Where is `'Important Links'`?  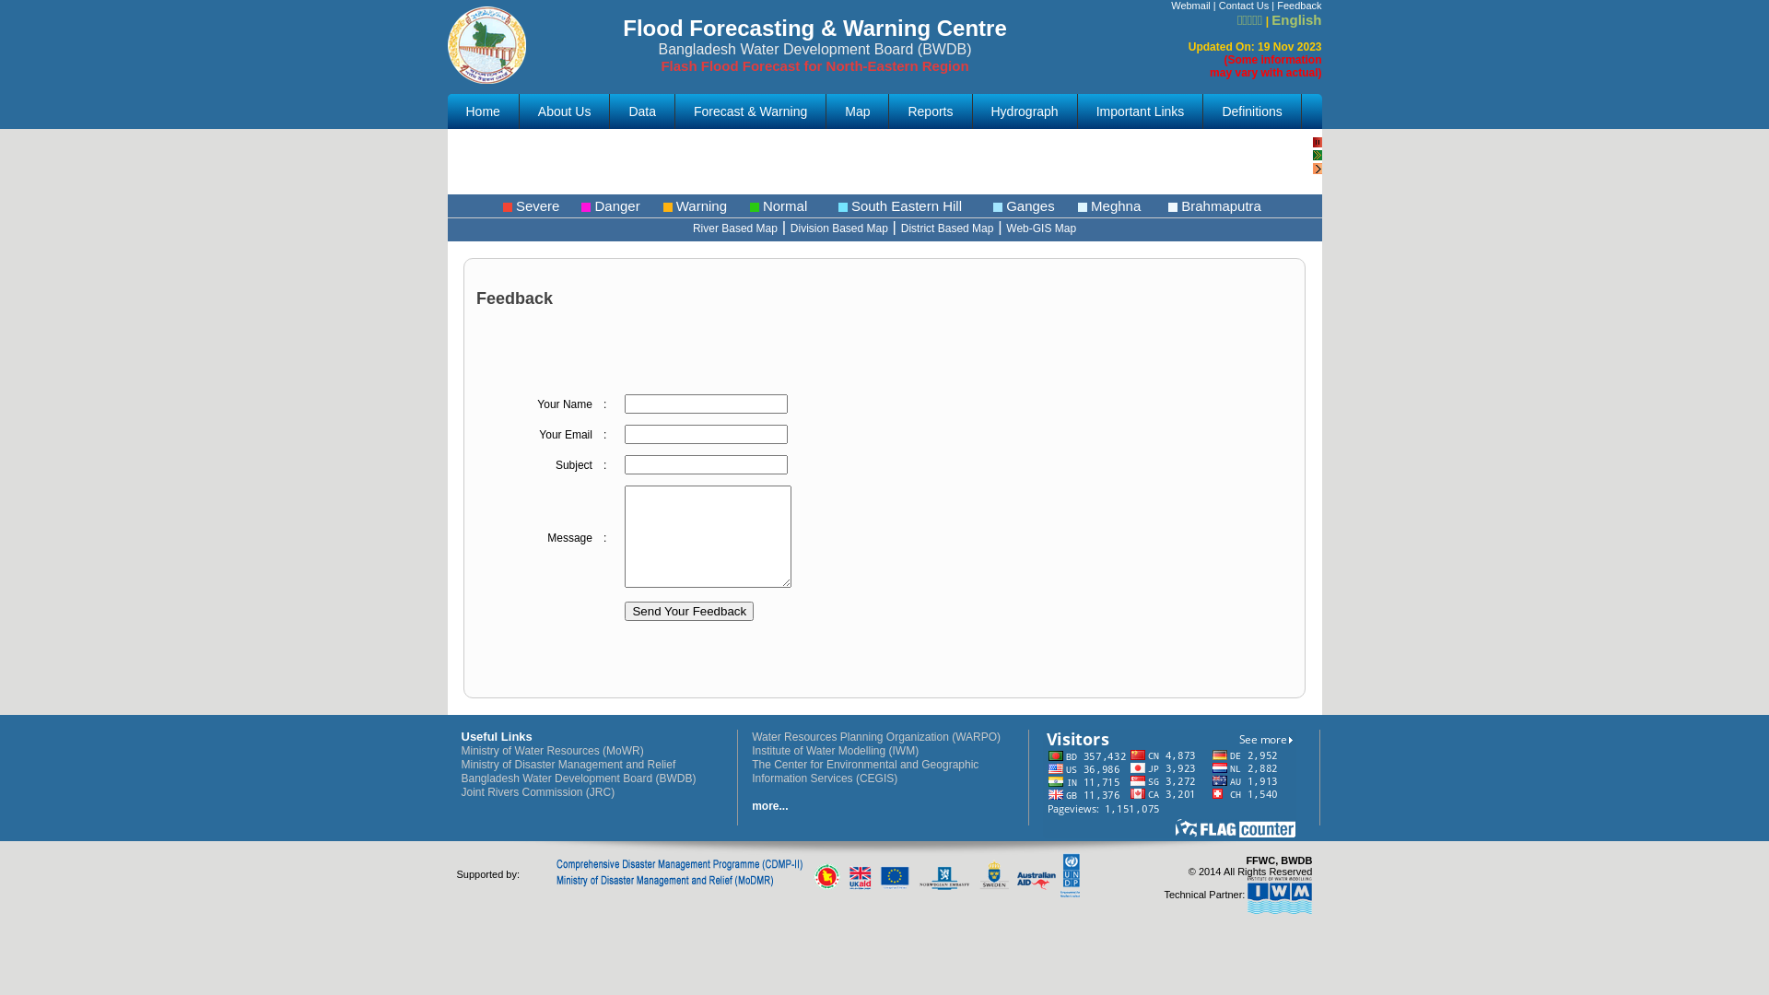
'Important Links' is located at coordinates (1078, 111).